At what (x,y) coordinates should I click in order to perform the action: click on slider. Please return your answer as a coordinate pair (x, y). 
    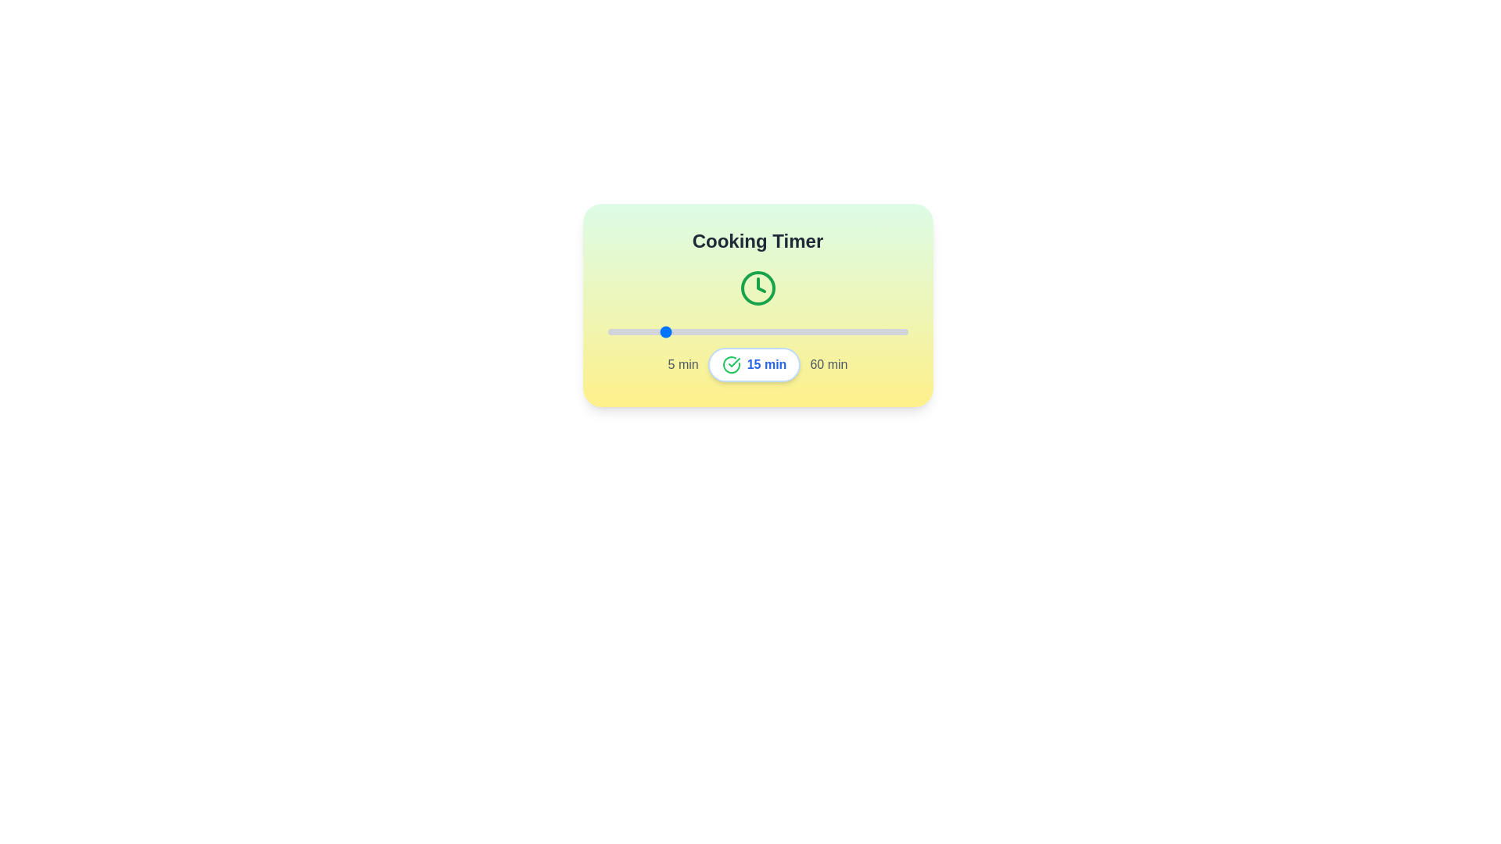
    Looking at the image, I should click on (830, 331).